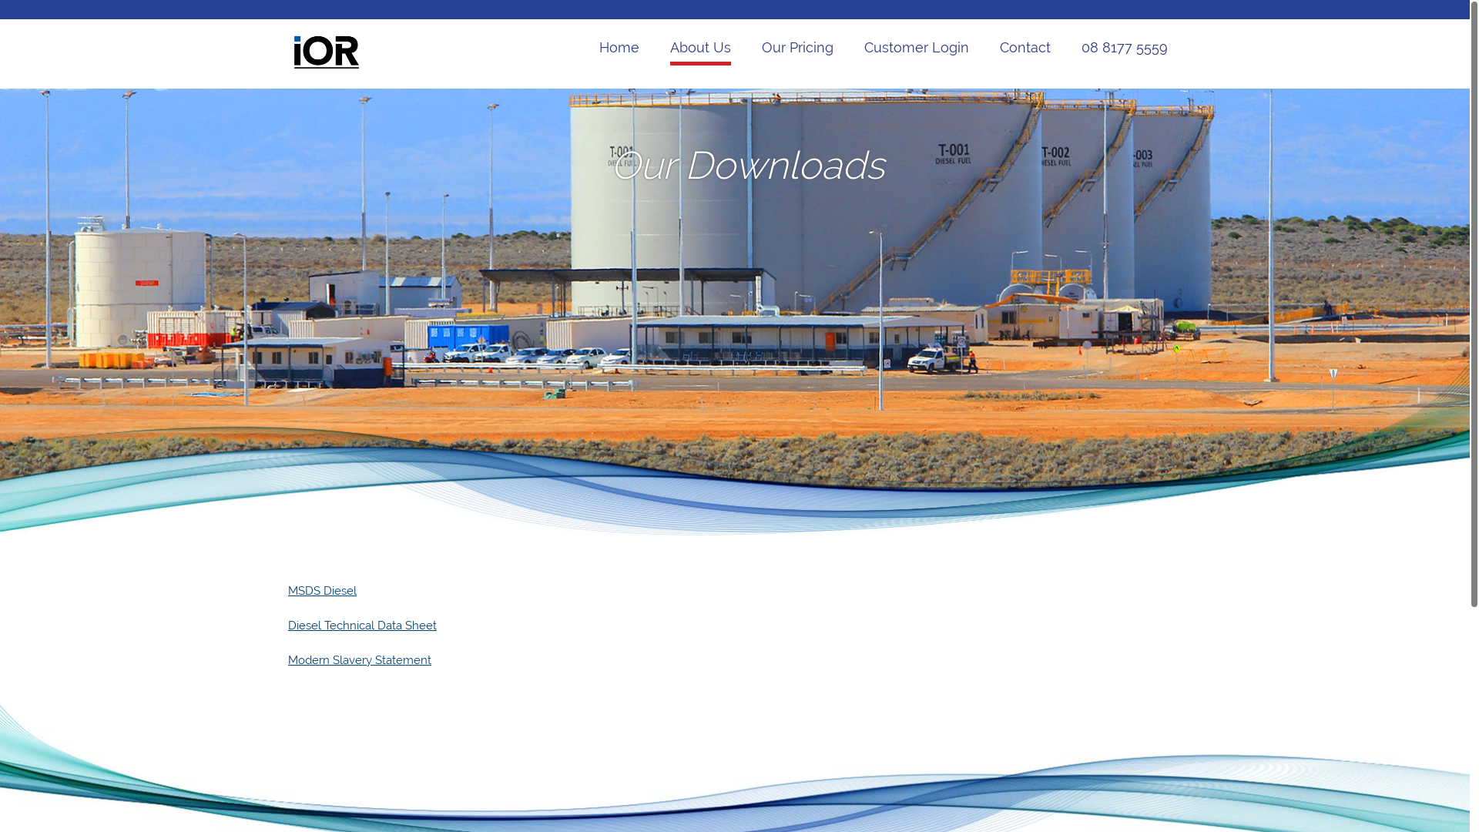 This screenshot has height=832, width=1479. Describe the element at coordinates (361, 626) in the screenshot. I see `'Diesel Technical Data Sheet'` at that location.